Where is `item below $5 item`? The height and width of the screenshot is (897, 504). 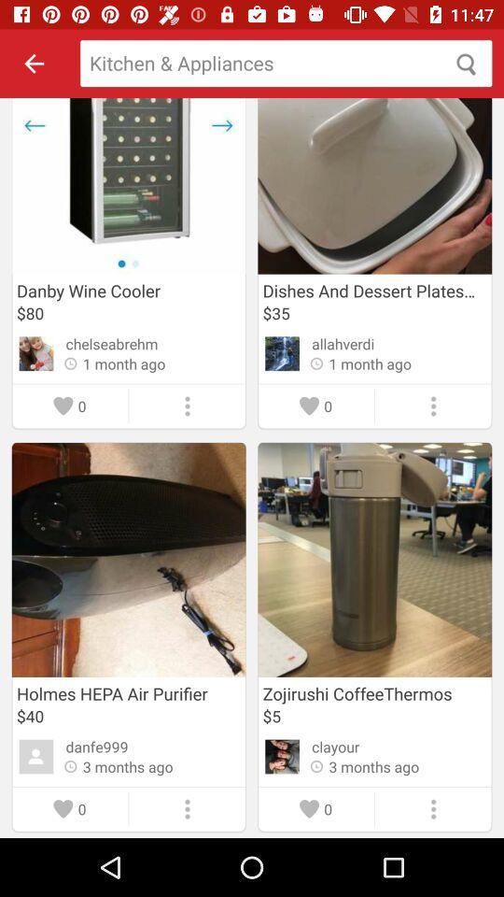
item below $5 item is located at coordinates (334, 747).